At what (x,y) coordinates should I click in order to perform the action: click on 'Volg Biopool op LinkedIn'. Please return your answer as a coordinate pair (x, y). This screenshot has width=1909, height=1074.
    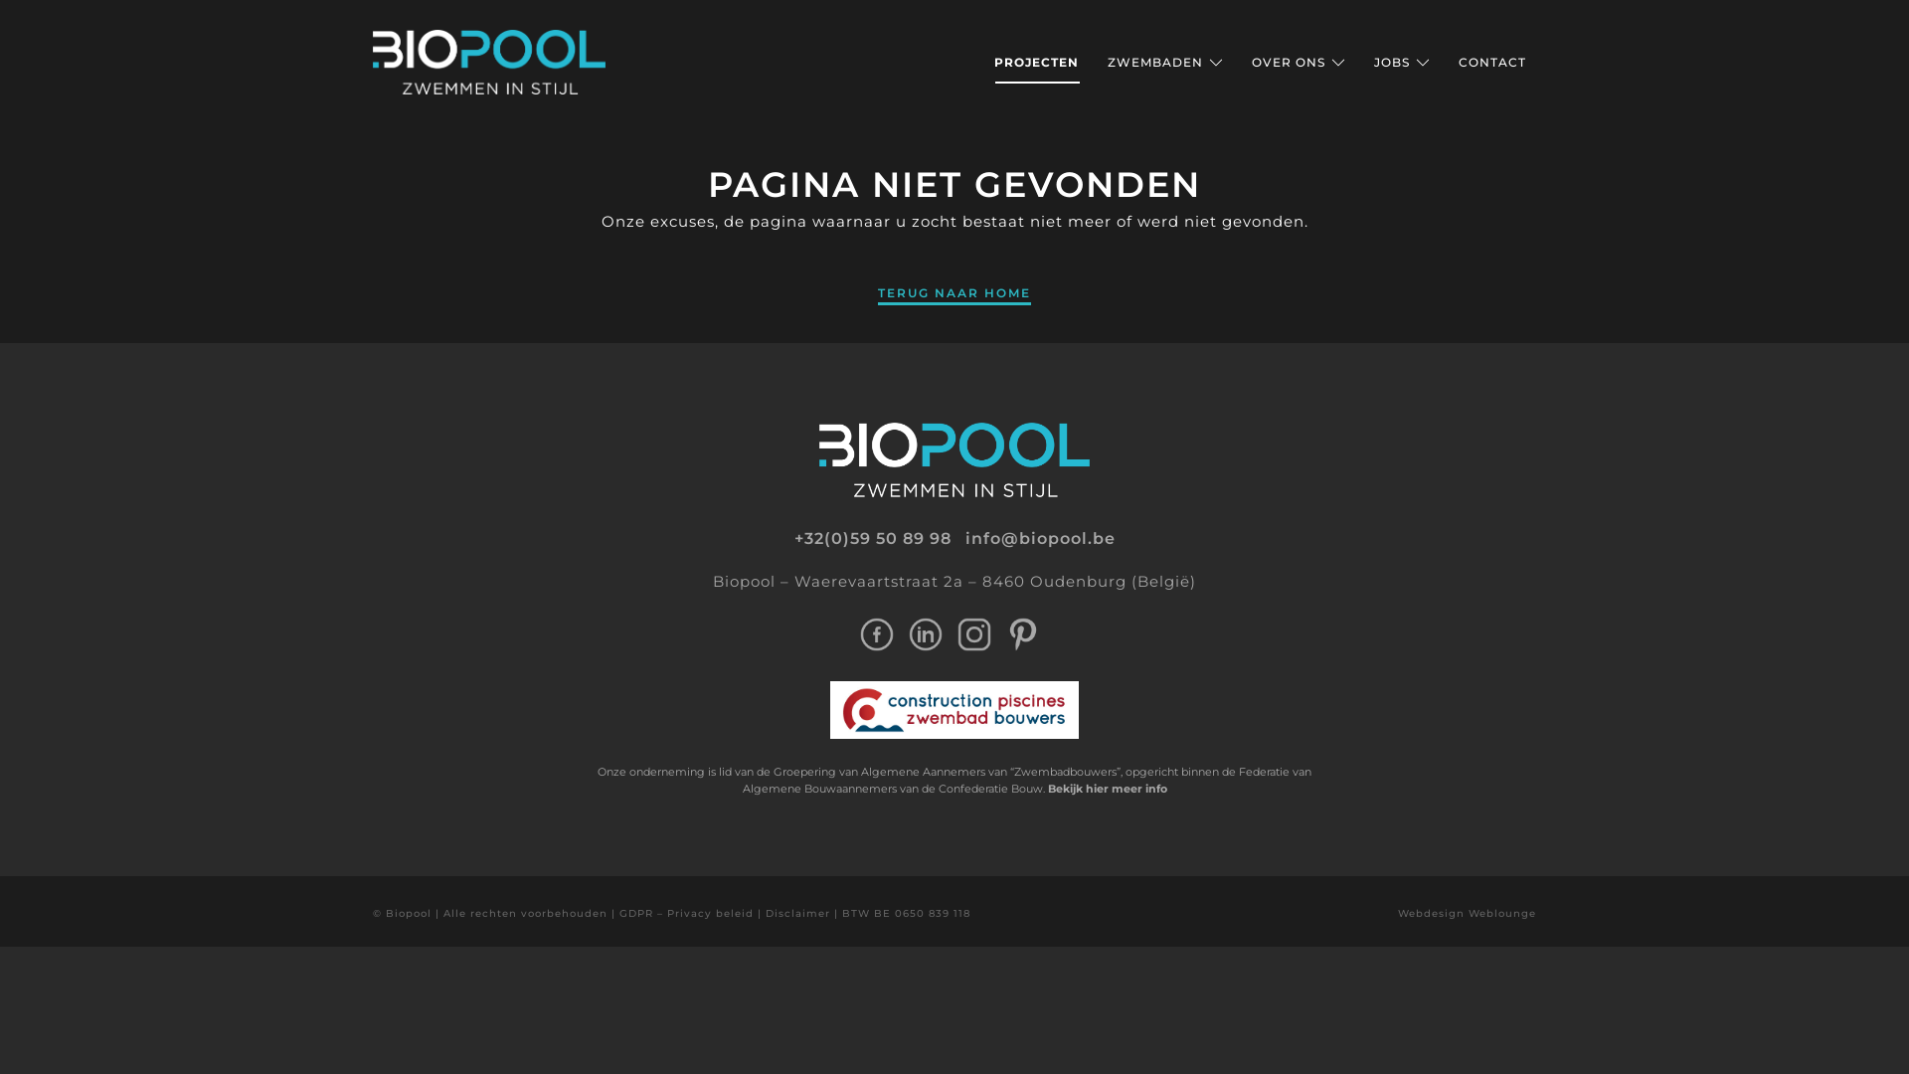
    Looking at the image, I should click on (907, 632).